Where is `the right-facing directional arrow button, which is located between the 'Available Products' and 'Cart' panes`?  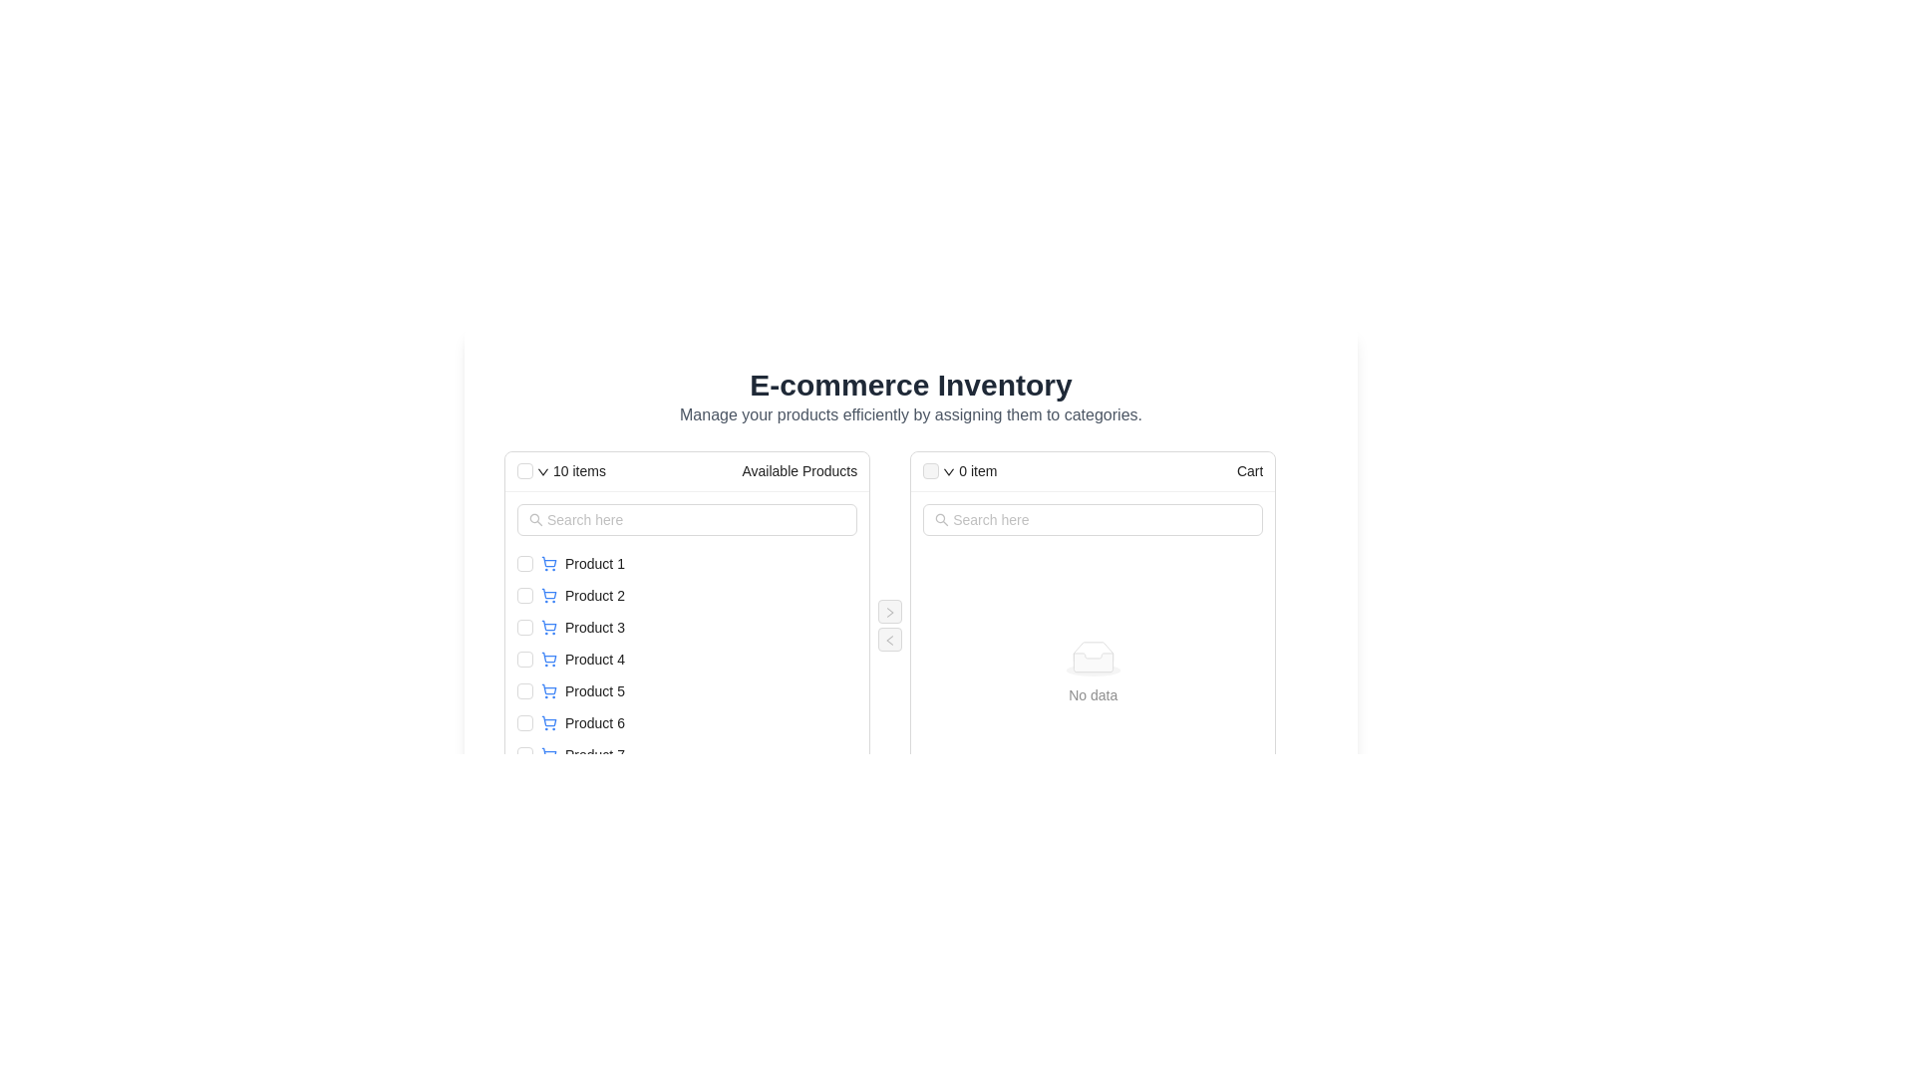 the right-facing directional arrow button, which is located between the 'Available Products' and 'Cart' panes is located at coordinates (889, 611).